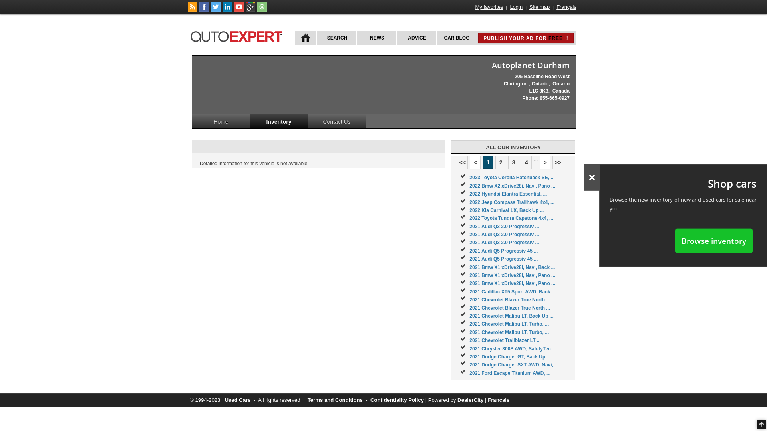 The width and height of the screenshot is (767, 431). Describe the element at coordinates (506, 210) in the screenshot. I see `'2022 Kia Carnival LX, Back Up ...'` at that location.